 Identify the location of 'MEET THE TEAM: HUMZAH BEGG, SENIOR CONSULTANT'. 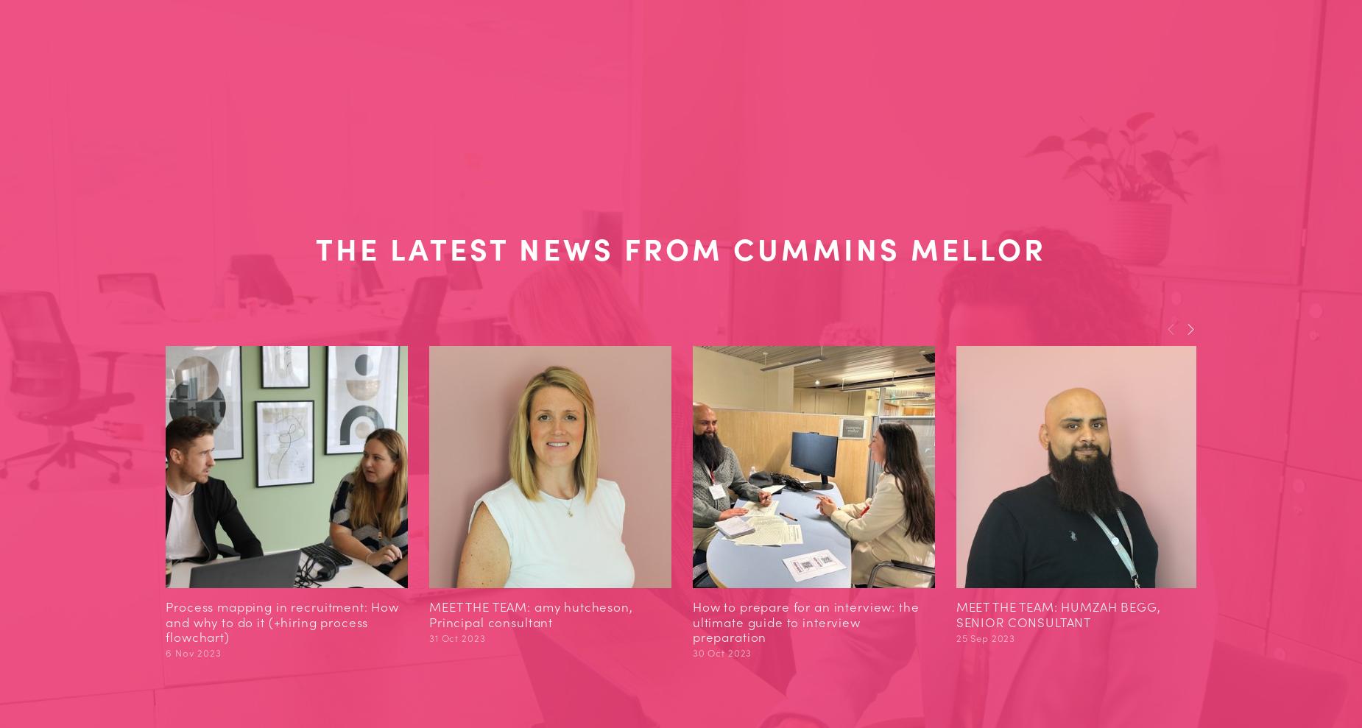
(1058, 614).